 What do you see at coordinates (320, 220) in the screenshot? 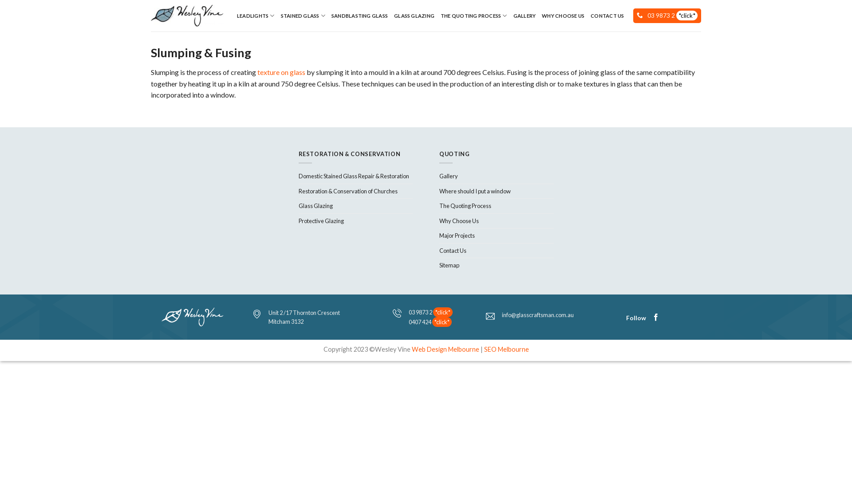
I see `'Protective Glazing'` at bounding box center [320, 220].